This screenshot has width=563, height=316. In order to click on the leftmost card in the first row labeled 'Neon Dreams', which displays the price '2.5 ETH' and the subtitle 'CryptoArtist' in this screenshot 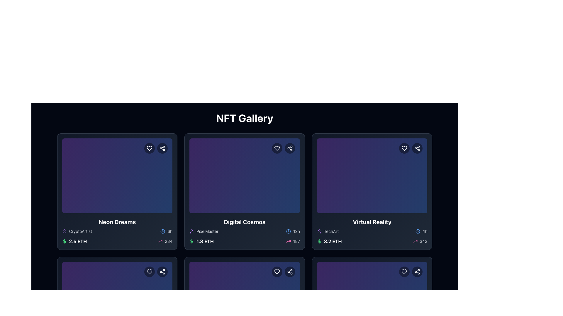, I will do `click(117, 192)`.